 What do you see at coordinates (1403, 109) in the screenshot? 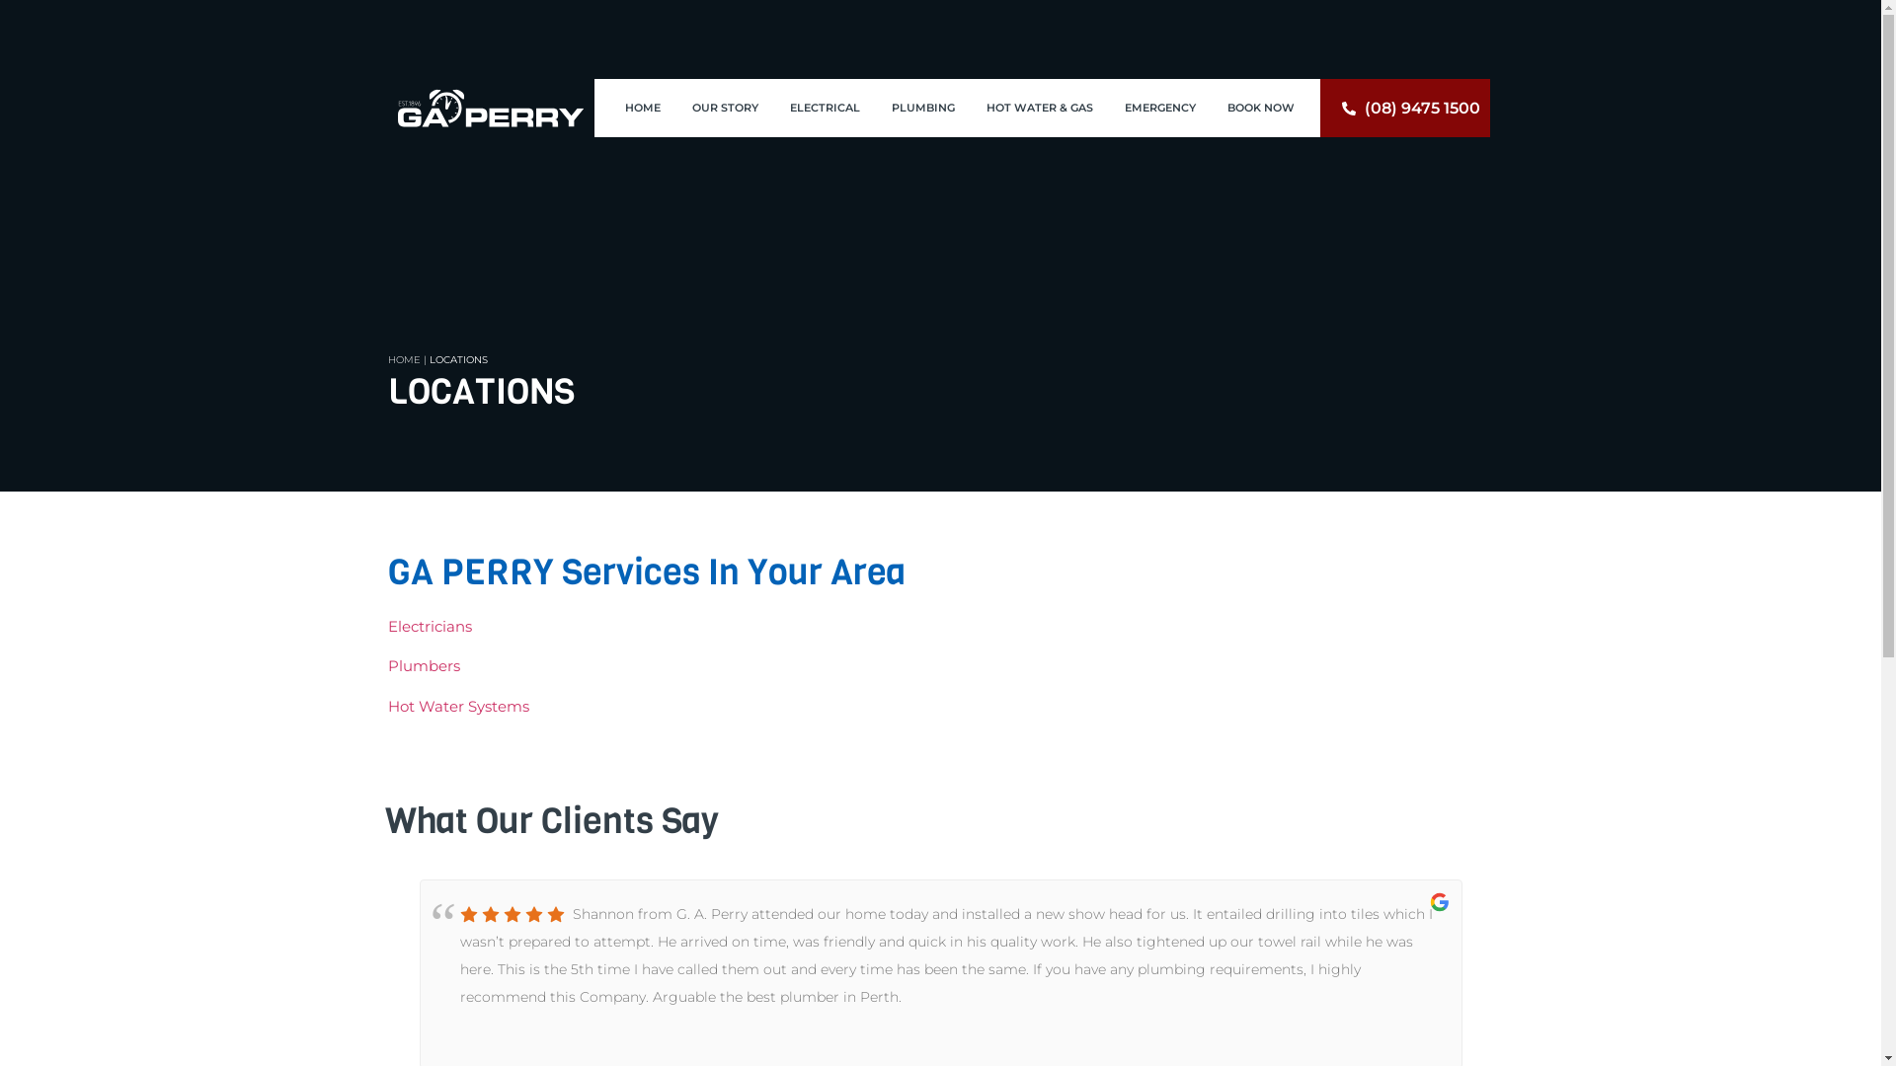
I see `'(08) 9475 1500'` at bounding box center [1403, 109].